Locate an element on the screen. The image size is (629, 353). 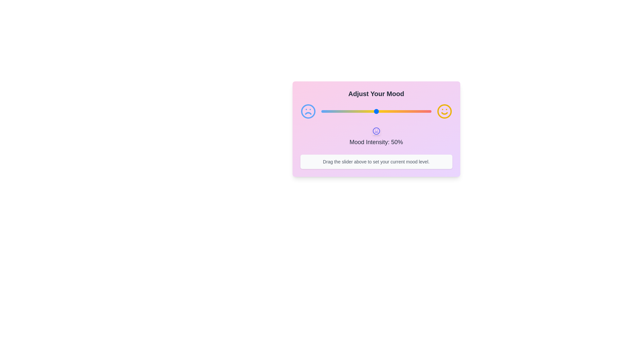
the mood intensity to 5% by dragging the slider is located at coordinates (327, 111).